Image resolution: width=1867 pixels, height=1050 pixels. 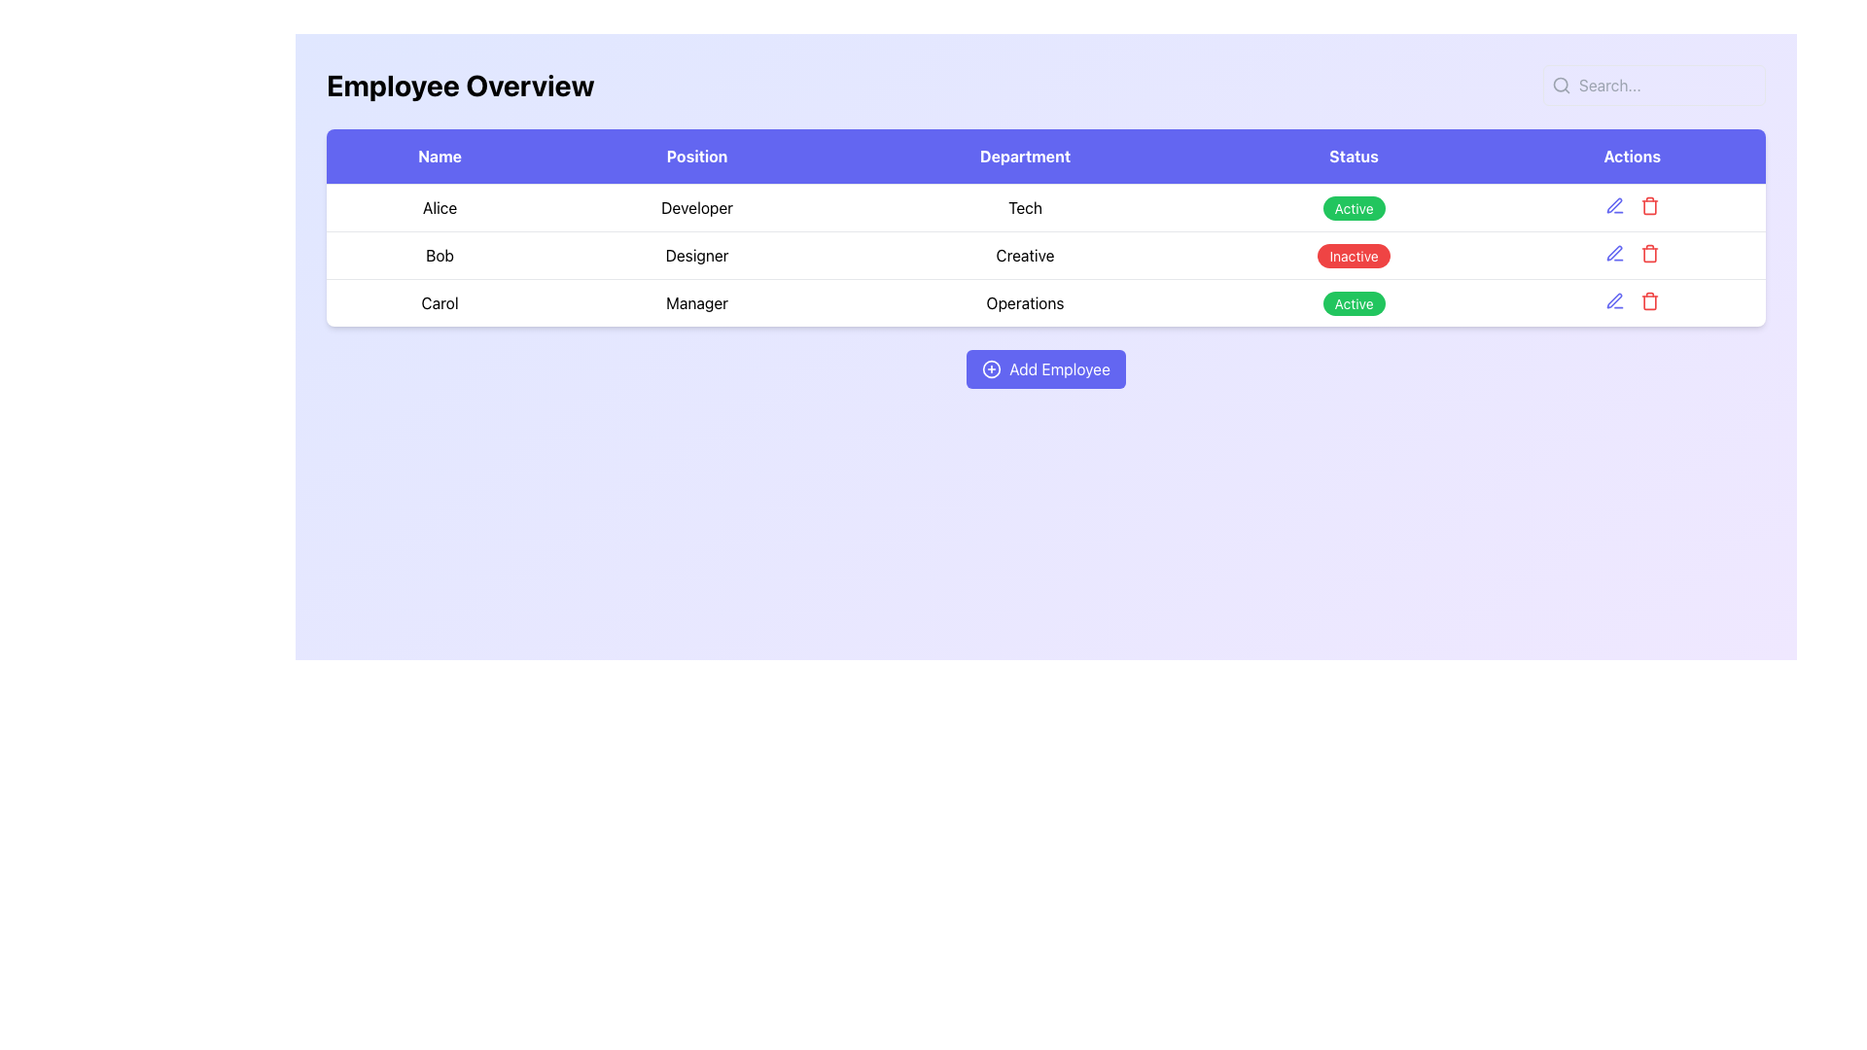 I want to click on text content of the 'Active' status badge for 'Alice' in the first row of the table, so click(x=1353, y=207).